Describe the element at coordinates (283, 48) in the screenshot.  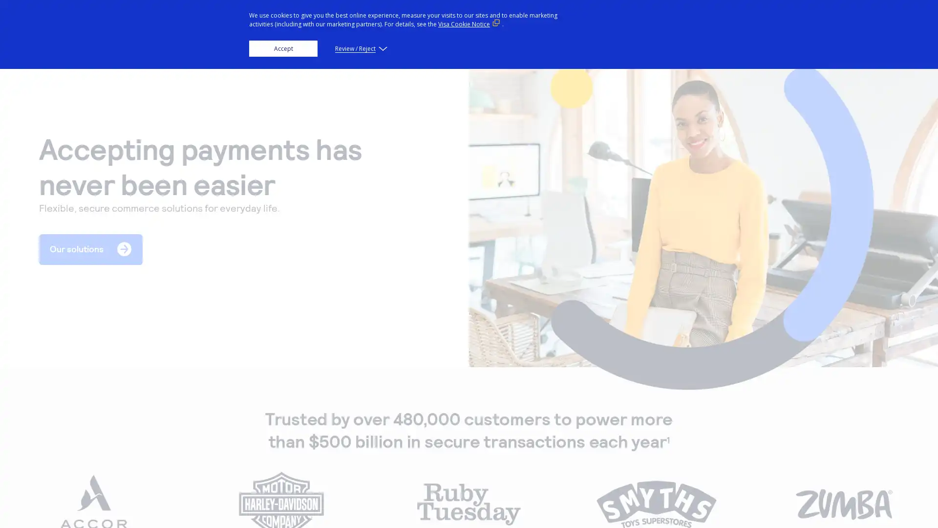
I see `Accept` at that location.